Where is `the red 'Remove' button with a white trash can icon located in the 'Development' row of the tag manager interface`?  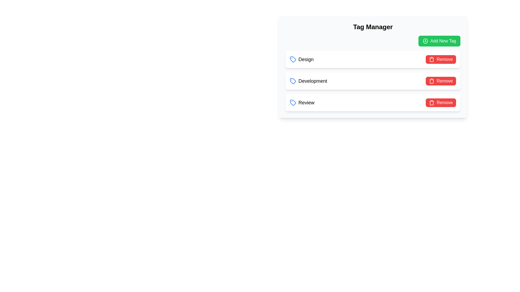 the red 'Remove' button with a white trash can icon located in the 'Development' row of the tag manager interface is located at coordinates (441, 81).